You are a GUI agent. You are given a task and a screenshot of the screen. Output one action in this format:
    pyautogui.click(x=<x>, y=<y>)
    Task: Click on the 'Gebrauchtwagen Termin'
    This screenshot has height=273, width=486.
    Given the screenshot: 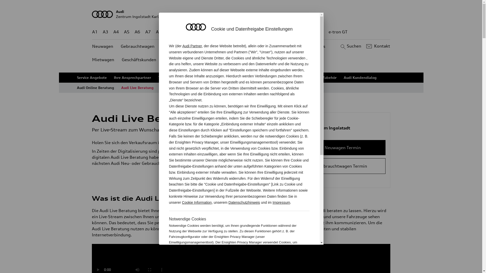 What is the action you would take?
    pyautogui.click(x=342, y=166)
    